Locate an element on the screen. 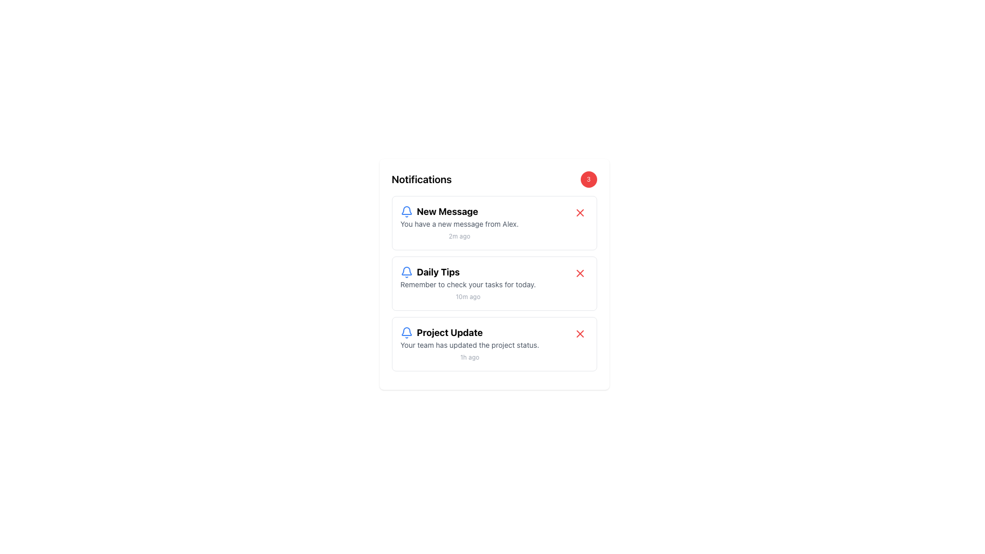 This screenshot has width=985, height=554. the circular red 'X' button in the top-right corner of the 'Project Update' notification card is located at coordinates (580, 334).